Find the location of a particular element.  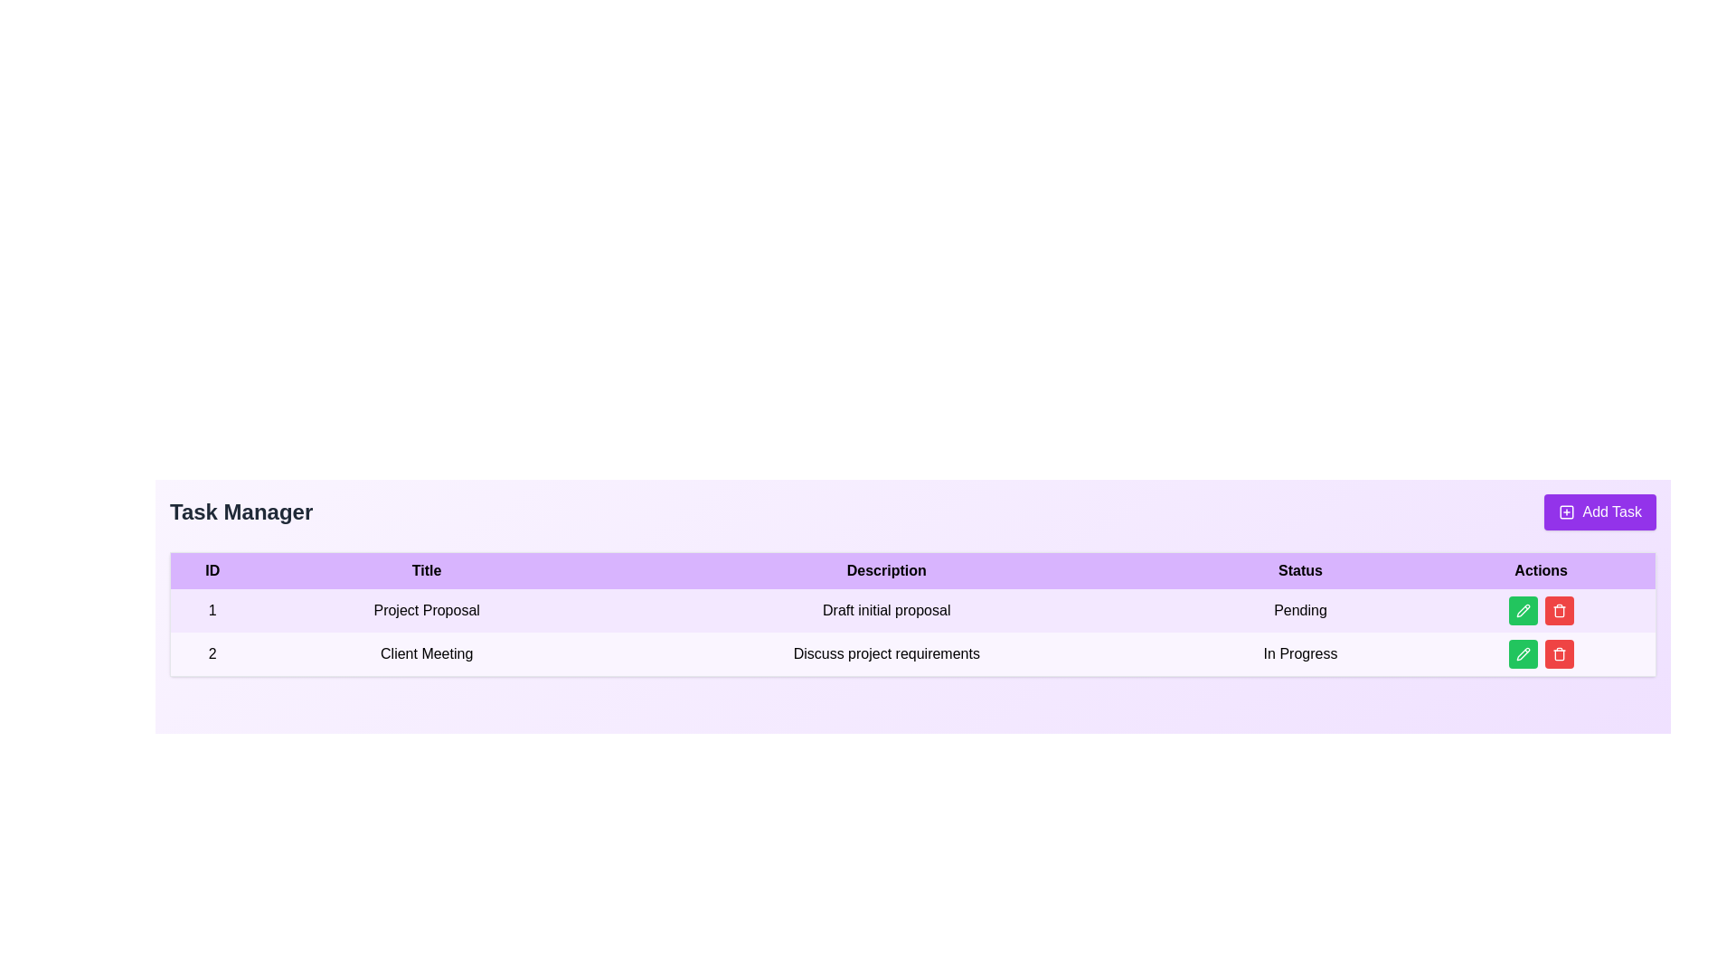

the red delete button with a trash can icon located in the Actions column of the second row in the Task Manager table is located at coordinates (1558, 610).